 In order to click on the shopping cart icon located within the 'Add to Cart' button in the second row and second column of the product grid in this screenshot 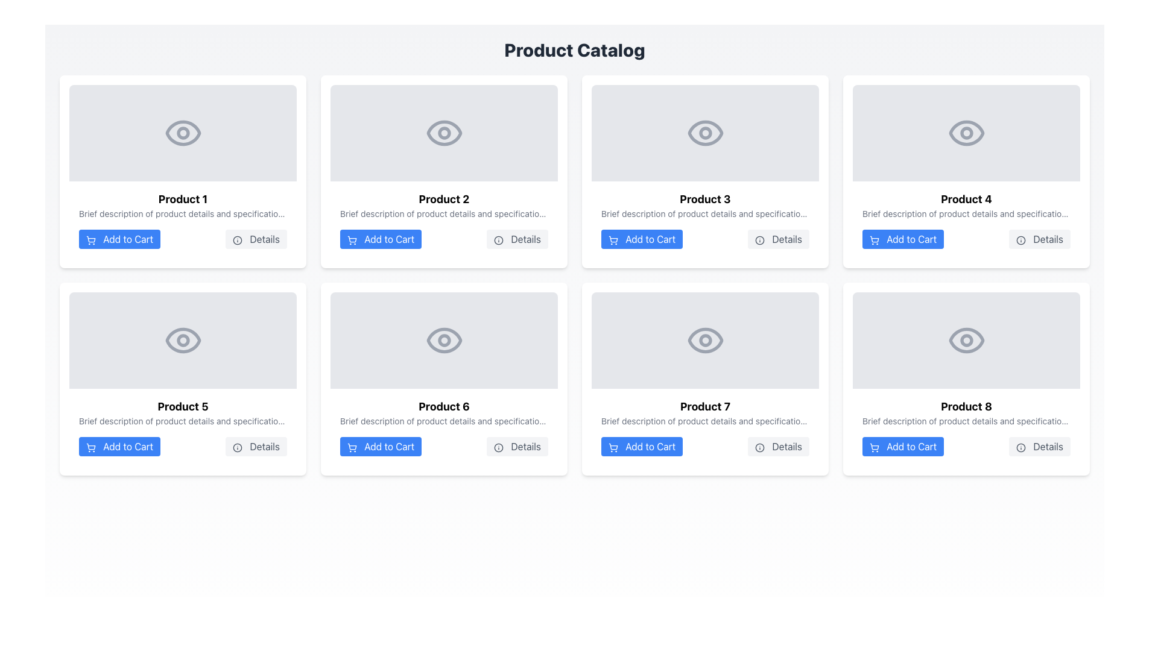, I will do `click(352, 447)`.